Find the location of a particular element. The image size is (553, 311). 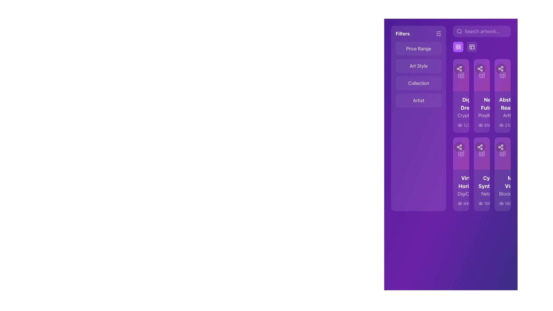

the eye-shaped visibility icon located to the left of the numeric text '2100' in the third horizontal card of the right-hand grid is located at coordinates (501, 125).